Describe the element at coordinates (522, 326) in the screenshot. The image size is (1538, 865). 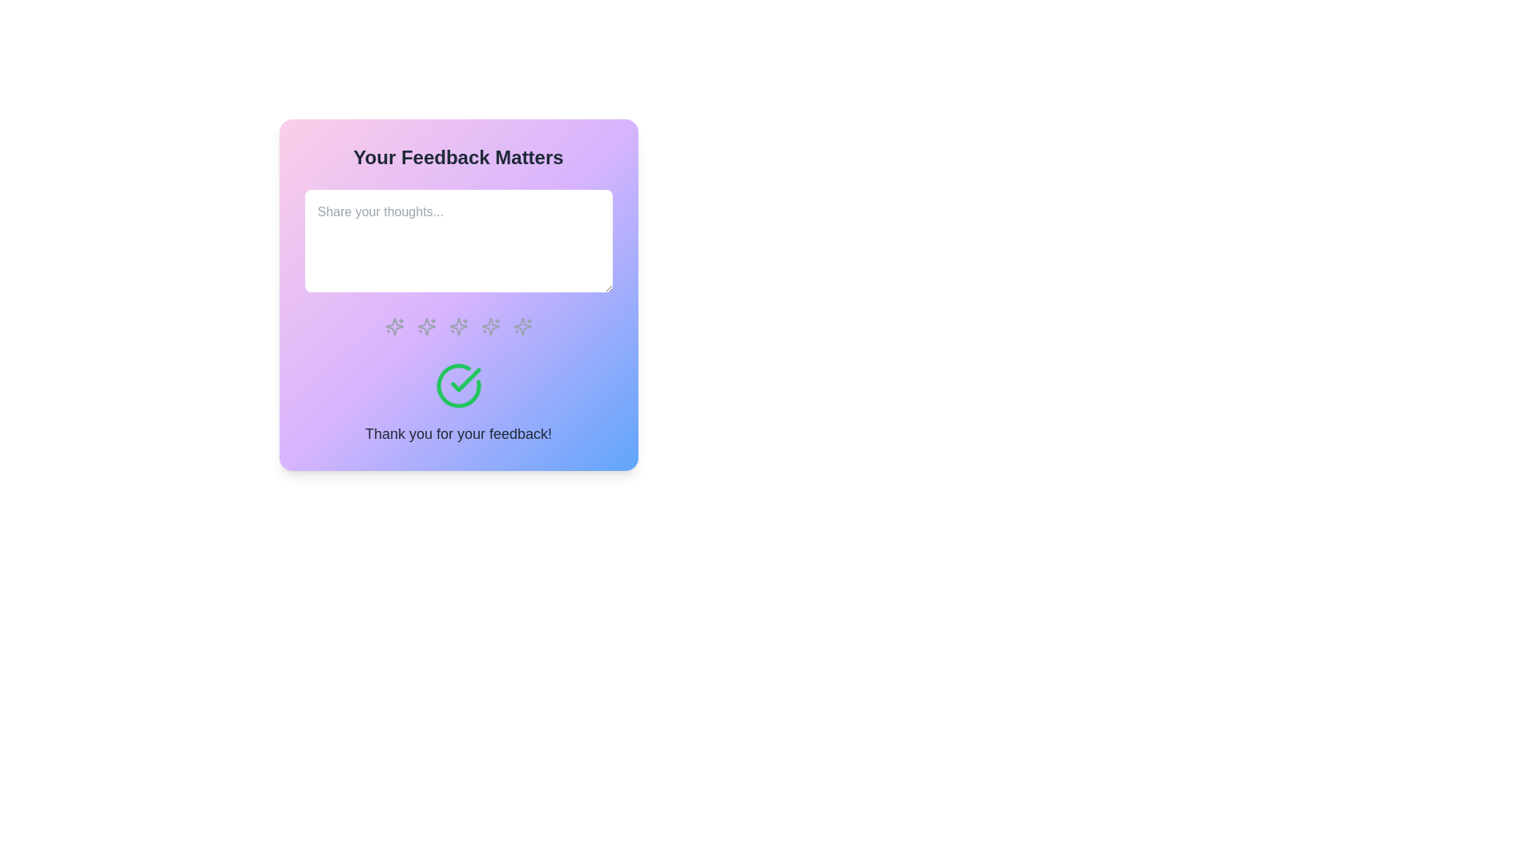
I see `the fifth star-shaped interactive icon located at the center-bottom area of the card` at that location.